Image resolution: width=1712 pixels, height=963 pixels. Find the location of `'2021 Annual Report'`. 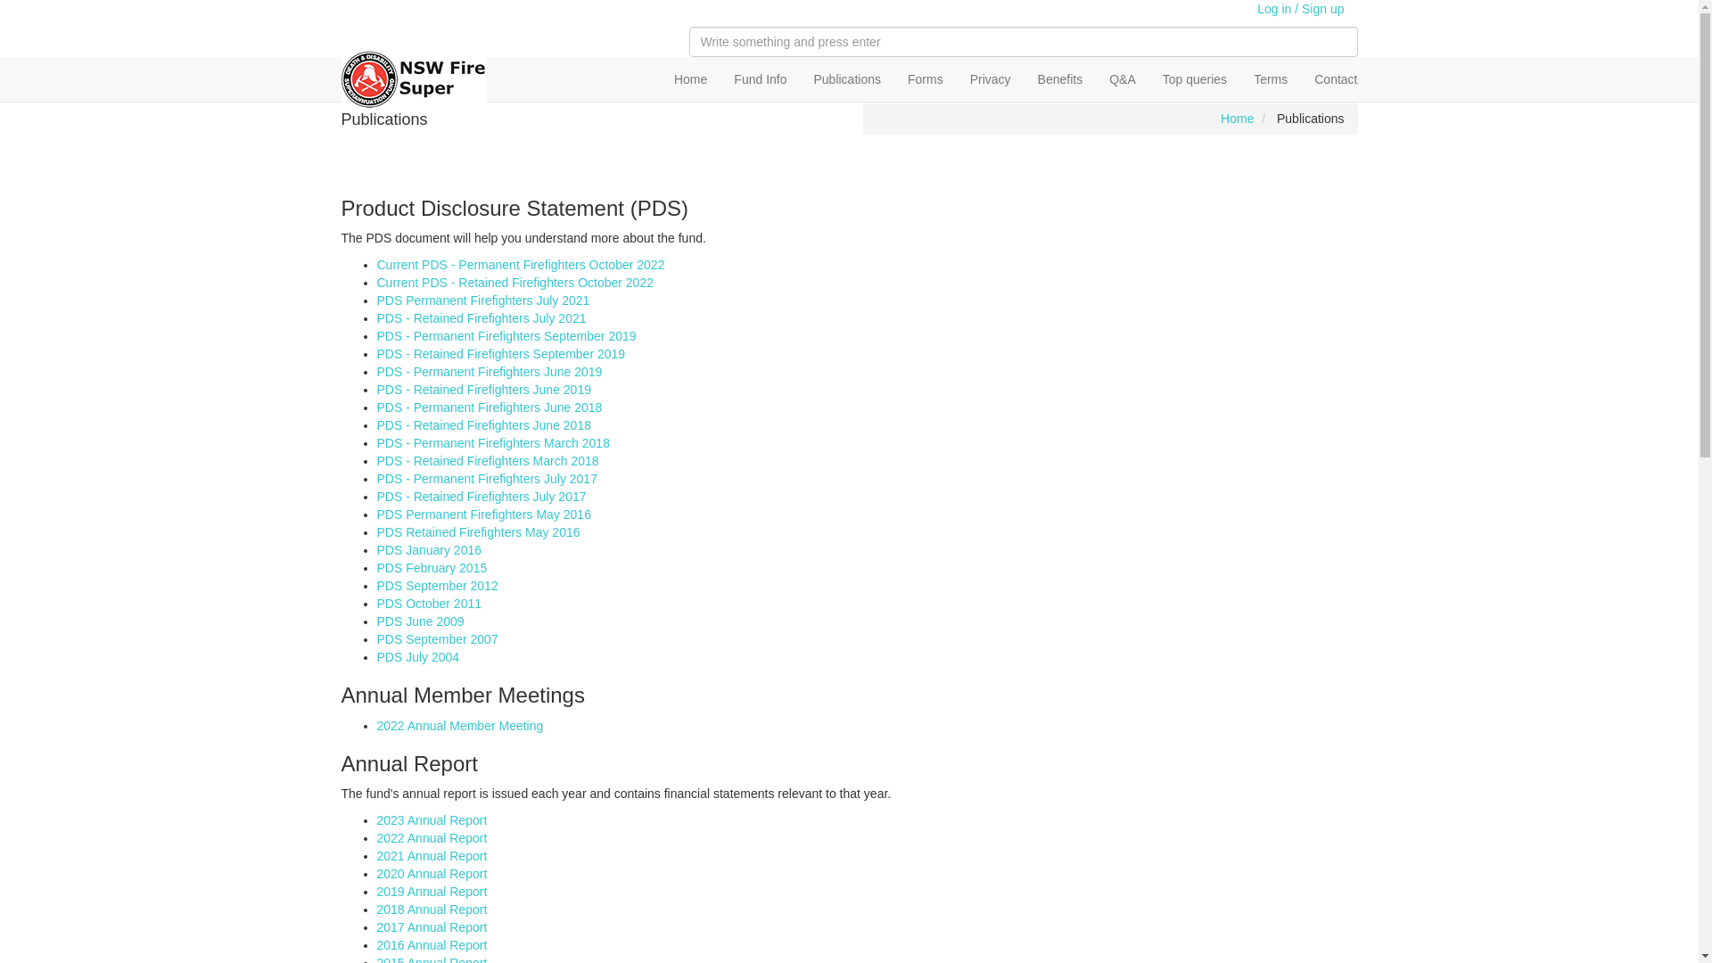

'2021 Annual Report' is located at coordinates (432, 855).